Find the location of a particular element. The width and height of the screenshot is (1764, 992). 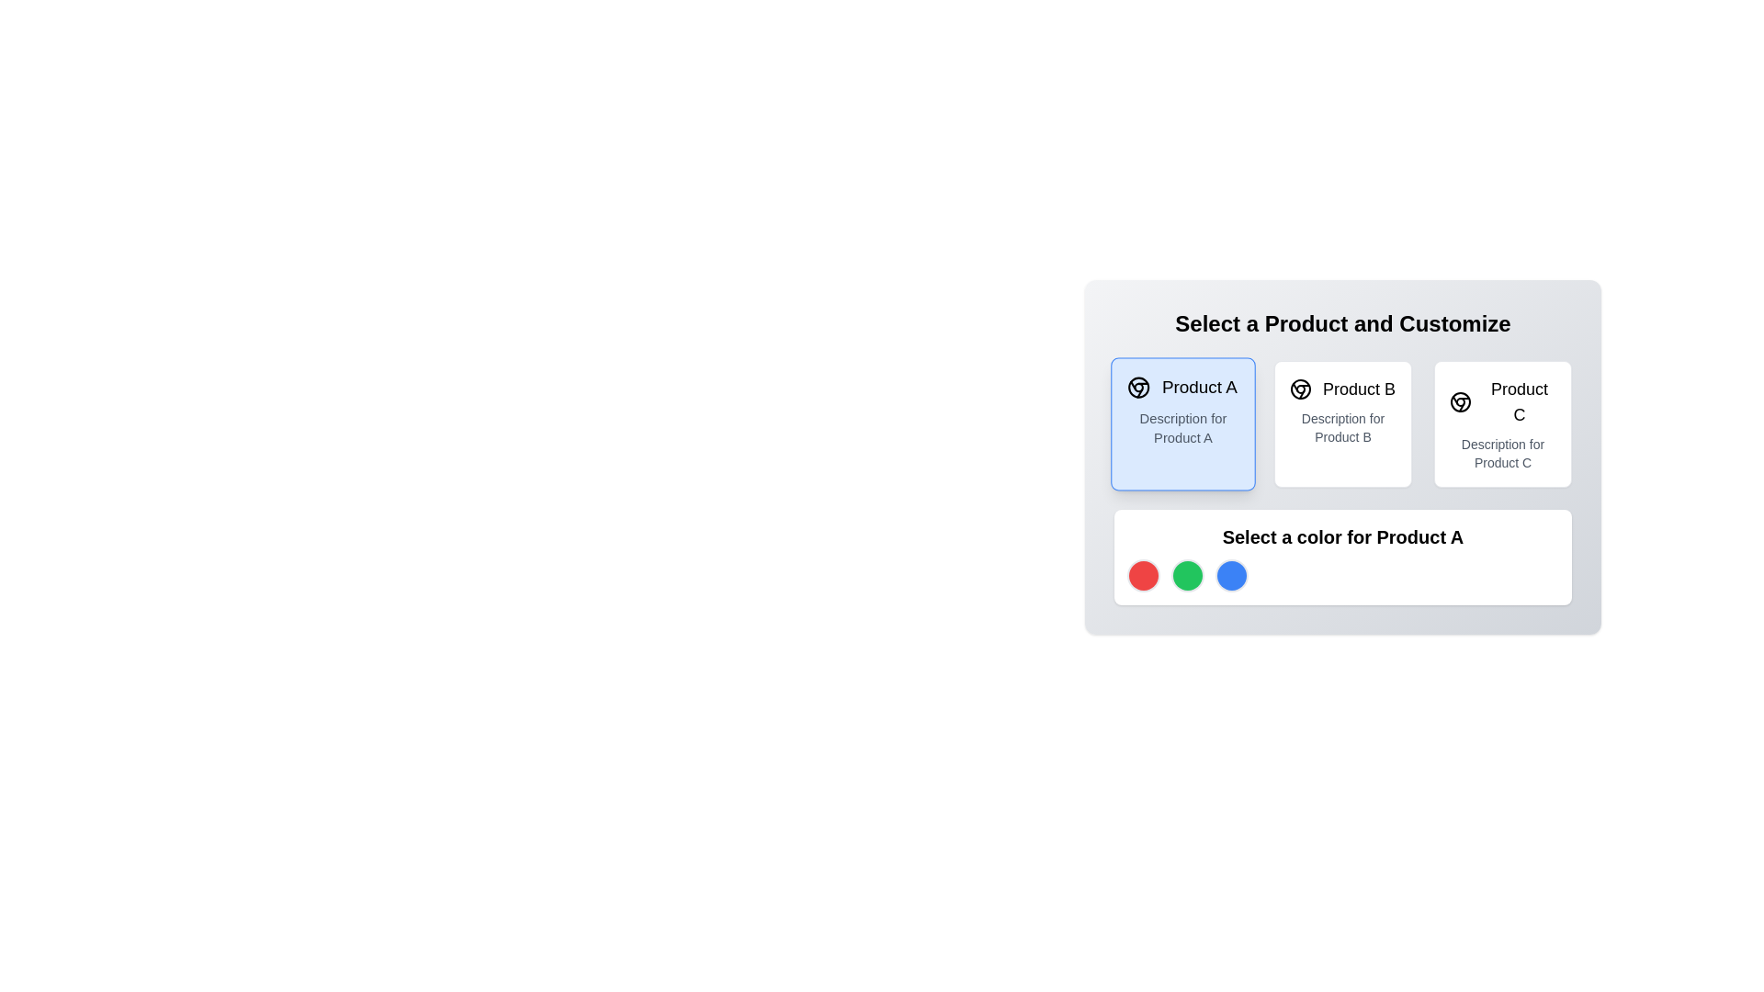

the interactive card located in the top-left position of the grid is located at coordinates (1182, 424).